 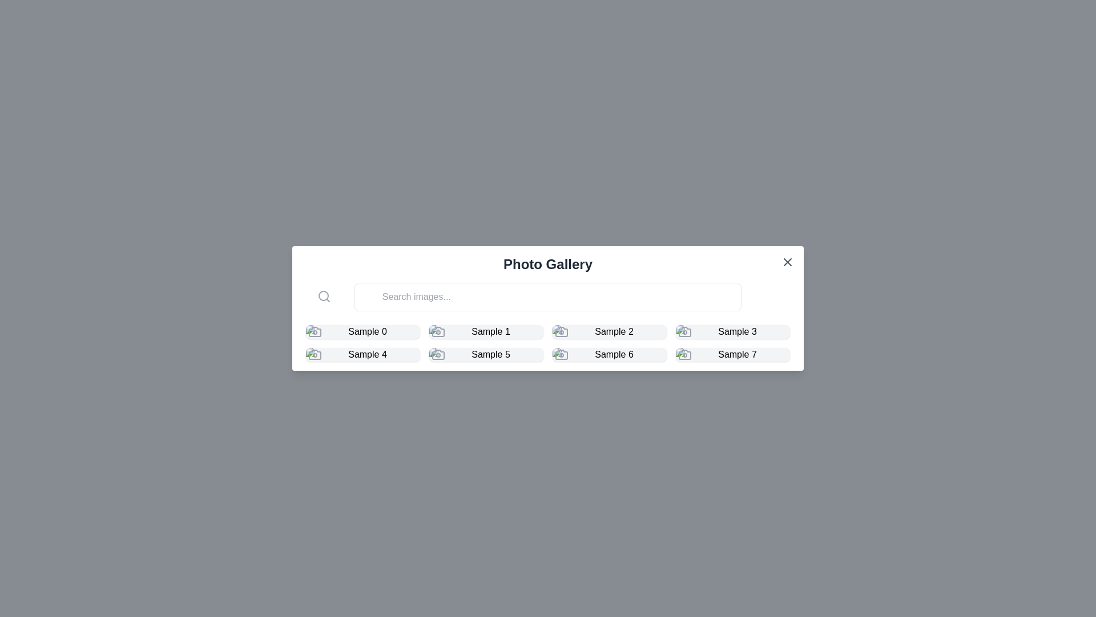 I want to click on the camera icon within the 'Sample 5' tile in the gallery grid, which signifies photo or camera functionality, so click(x=438, y=354).